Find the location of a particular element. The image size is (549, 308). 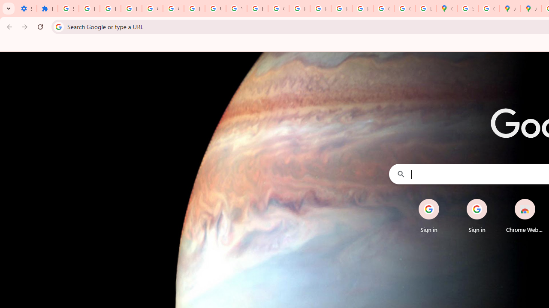

'Privacy Help Center - Policies Help' is located at coordinates (299, 9).